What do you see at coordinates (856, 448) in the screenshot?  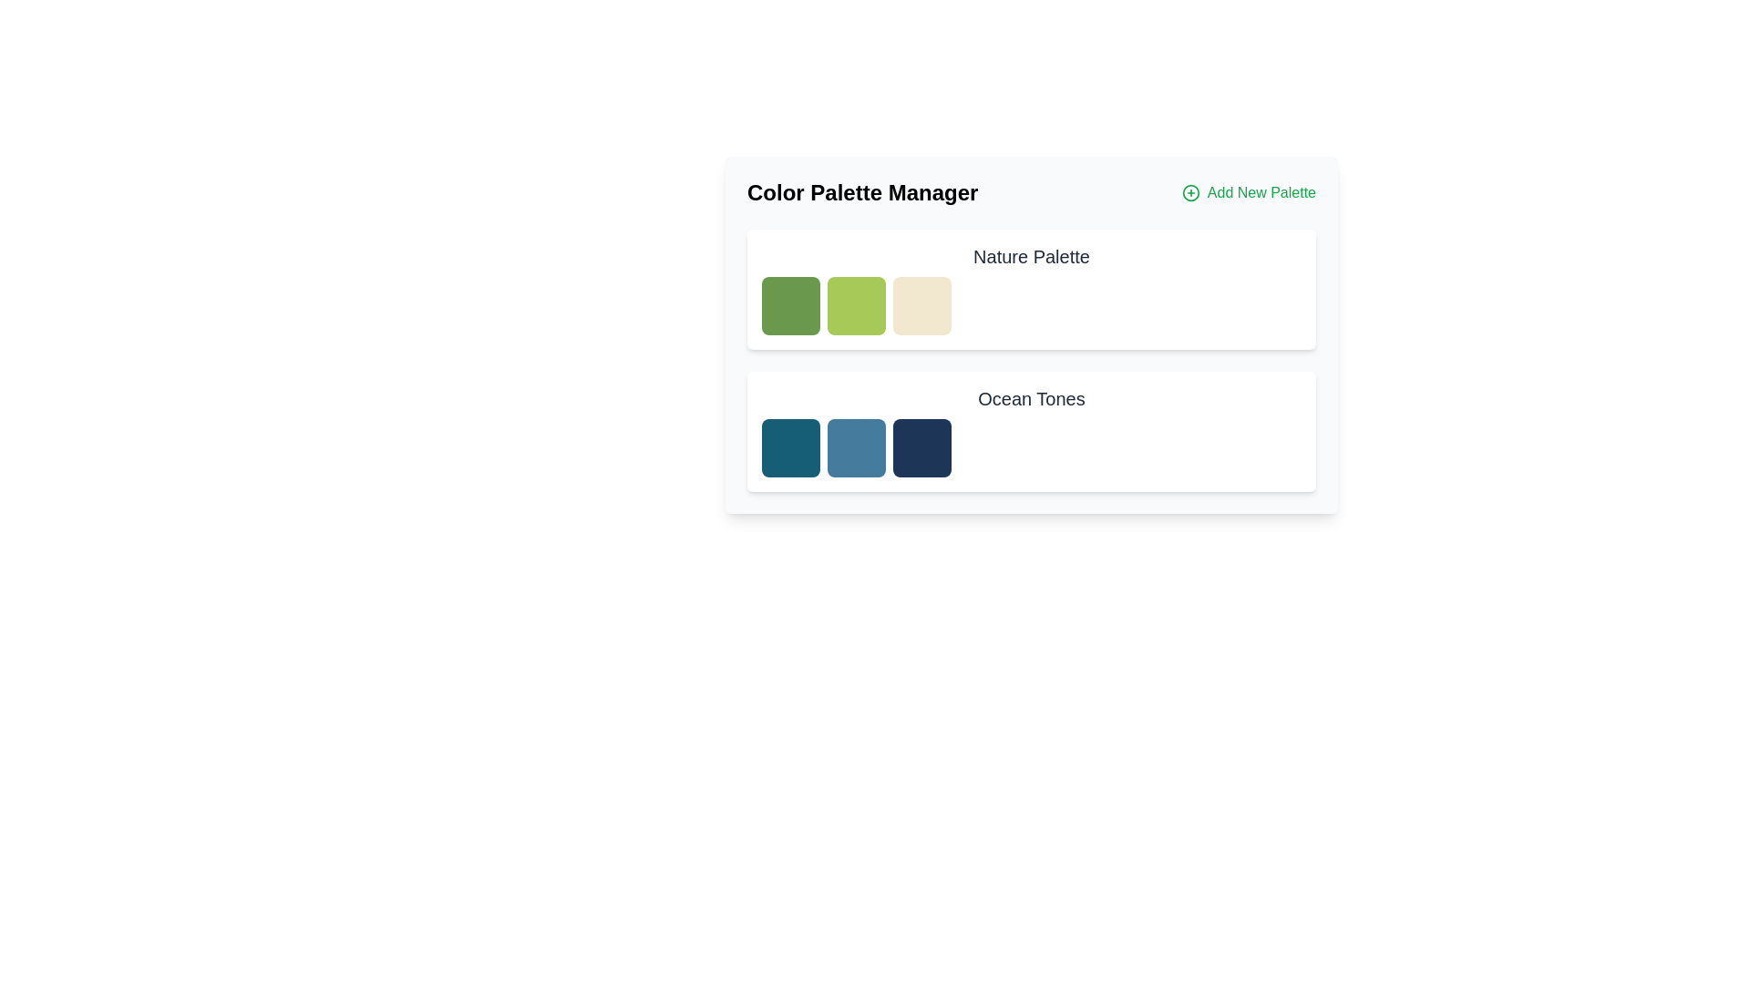 I see `the second square Swatch in the 'Ocean Tones' palette, which is a medium blue square with rounded corners` at bounding box center [856, 448].